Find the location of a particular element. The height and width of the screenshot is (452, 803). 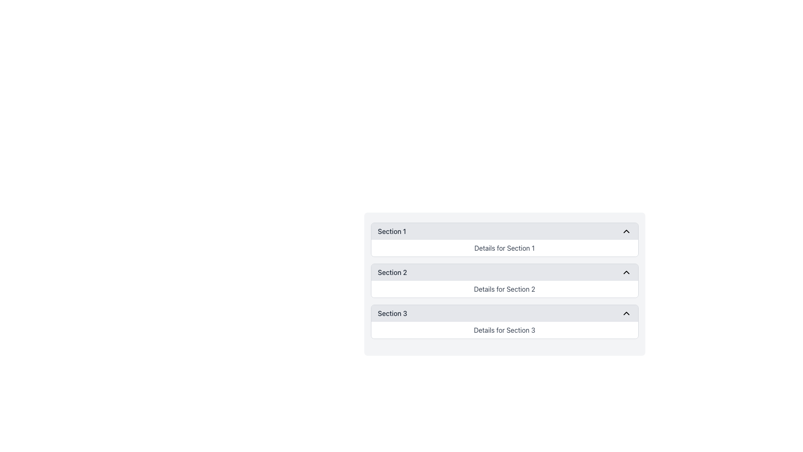

the chevron up icon located on the right side of the 'Section 2' header to focus on it is located at coordinates (626, 272).